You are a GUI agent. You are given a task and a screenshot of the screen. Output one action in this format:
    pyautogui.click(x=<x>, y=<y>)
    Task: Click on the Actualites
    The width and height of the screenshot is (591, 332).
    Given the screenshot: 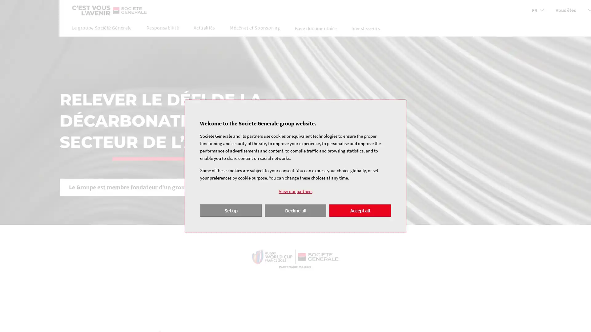 What is the action you would take?
    pyautogui.click(x=204, y=52)
    